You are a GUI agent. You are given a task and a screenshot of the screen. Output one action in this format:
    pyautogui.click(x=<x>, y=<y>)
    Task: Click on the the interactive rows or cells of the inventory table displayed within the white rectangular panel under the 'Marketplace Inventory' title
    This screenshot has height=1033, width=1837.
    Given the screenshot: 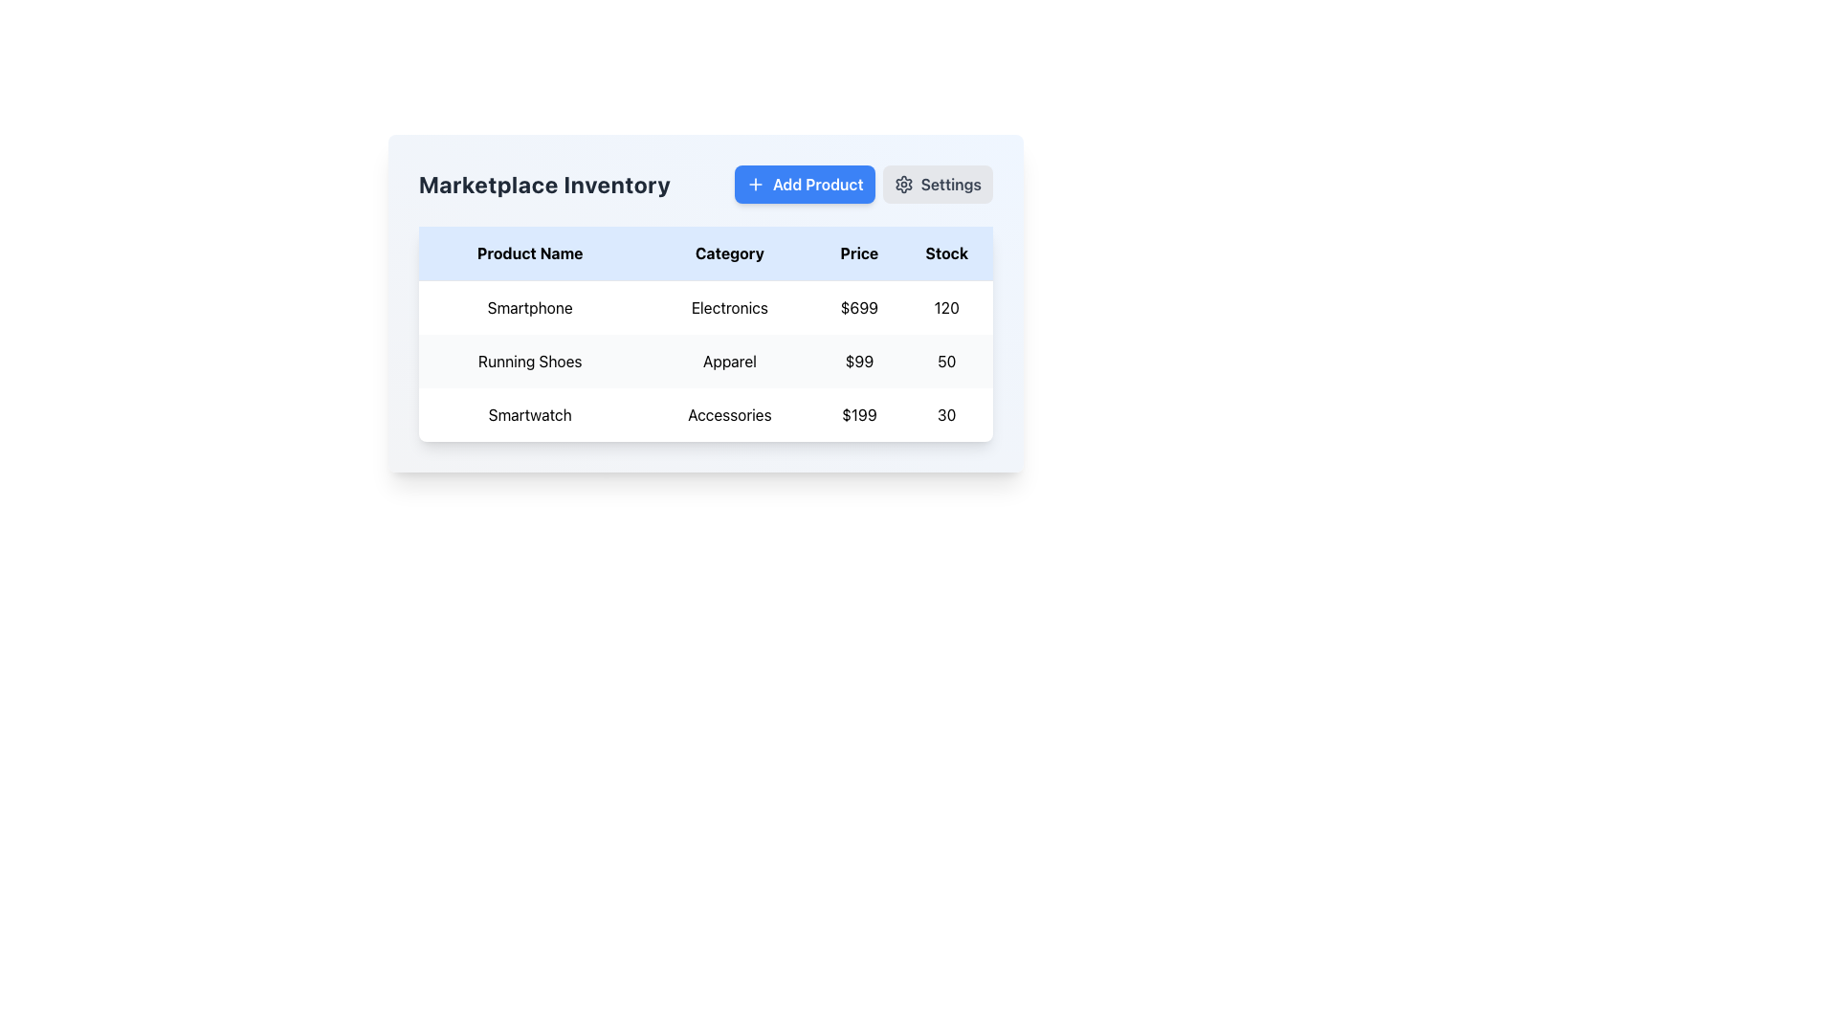 What is the action you would take?
    pyautogui.click(x=705, y=332)
    